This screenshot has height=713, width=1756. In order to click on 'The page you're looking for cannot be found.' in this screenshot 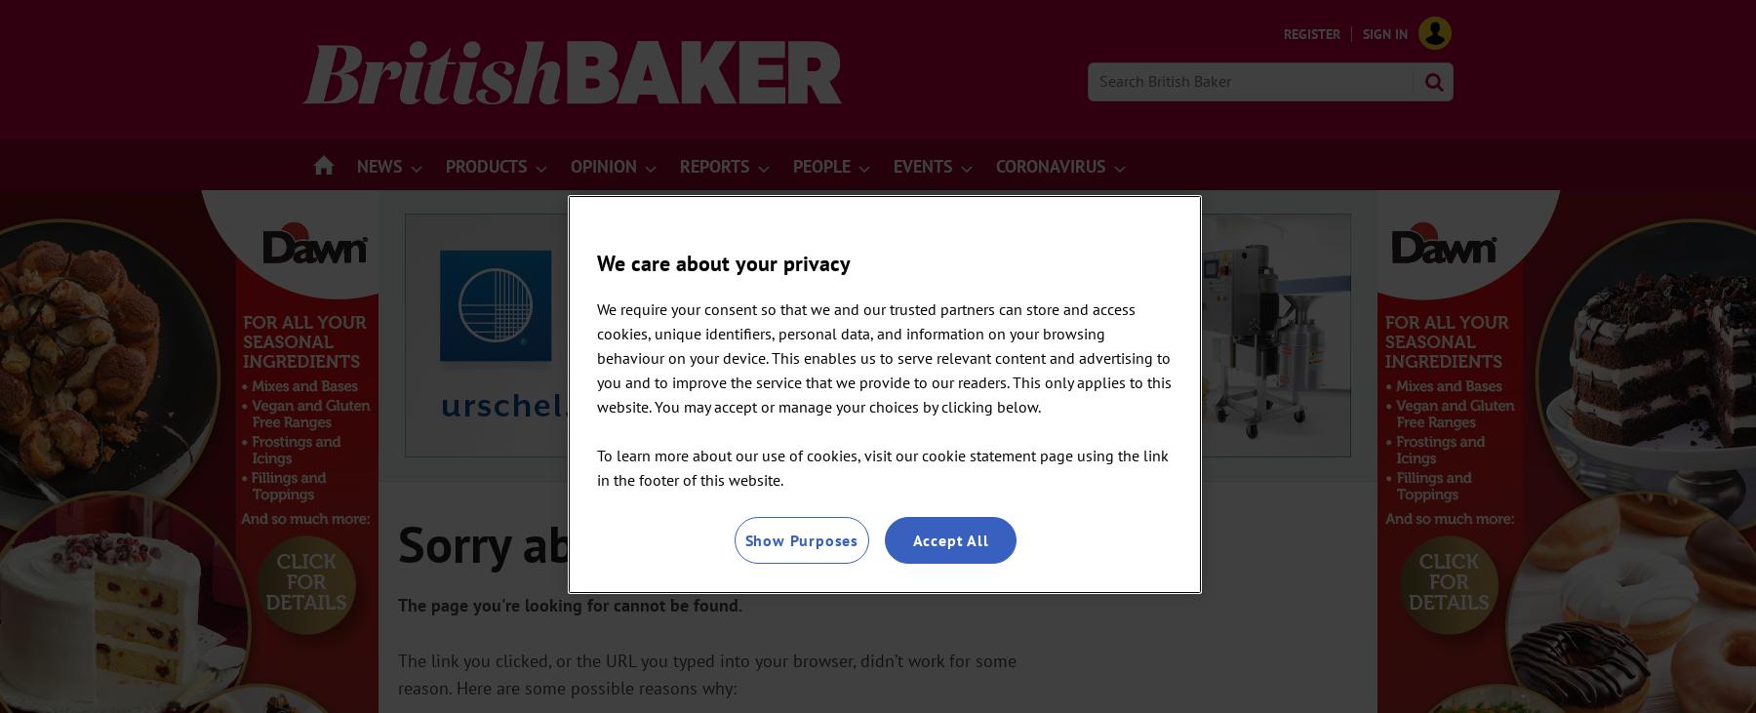, I will do `click(570, 604)`.